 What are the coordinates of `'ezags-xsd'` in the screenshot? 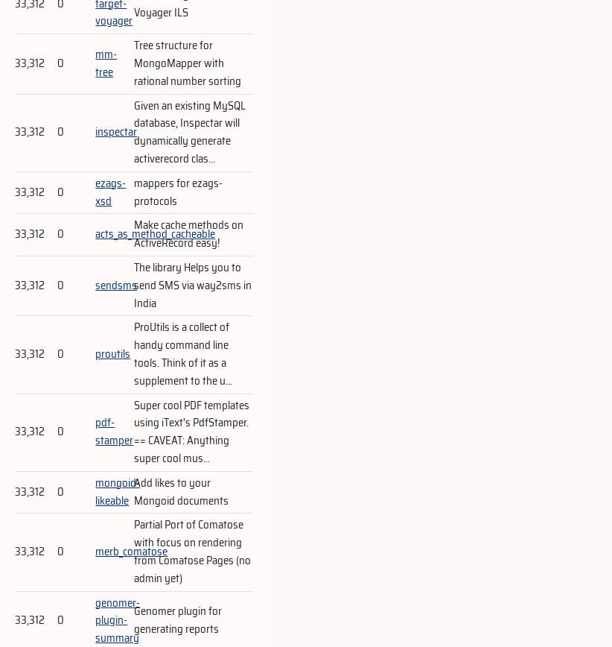 It's located at (110, 192).